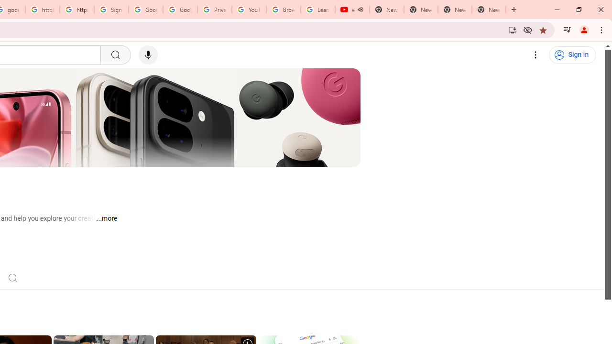 The image size is (612, 344). I want to click on 'Mute tab', so click(360, 10).